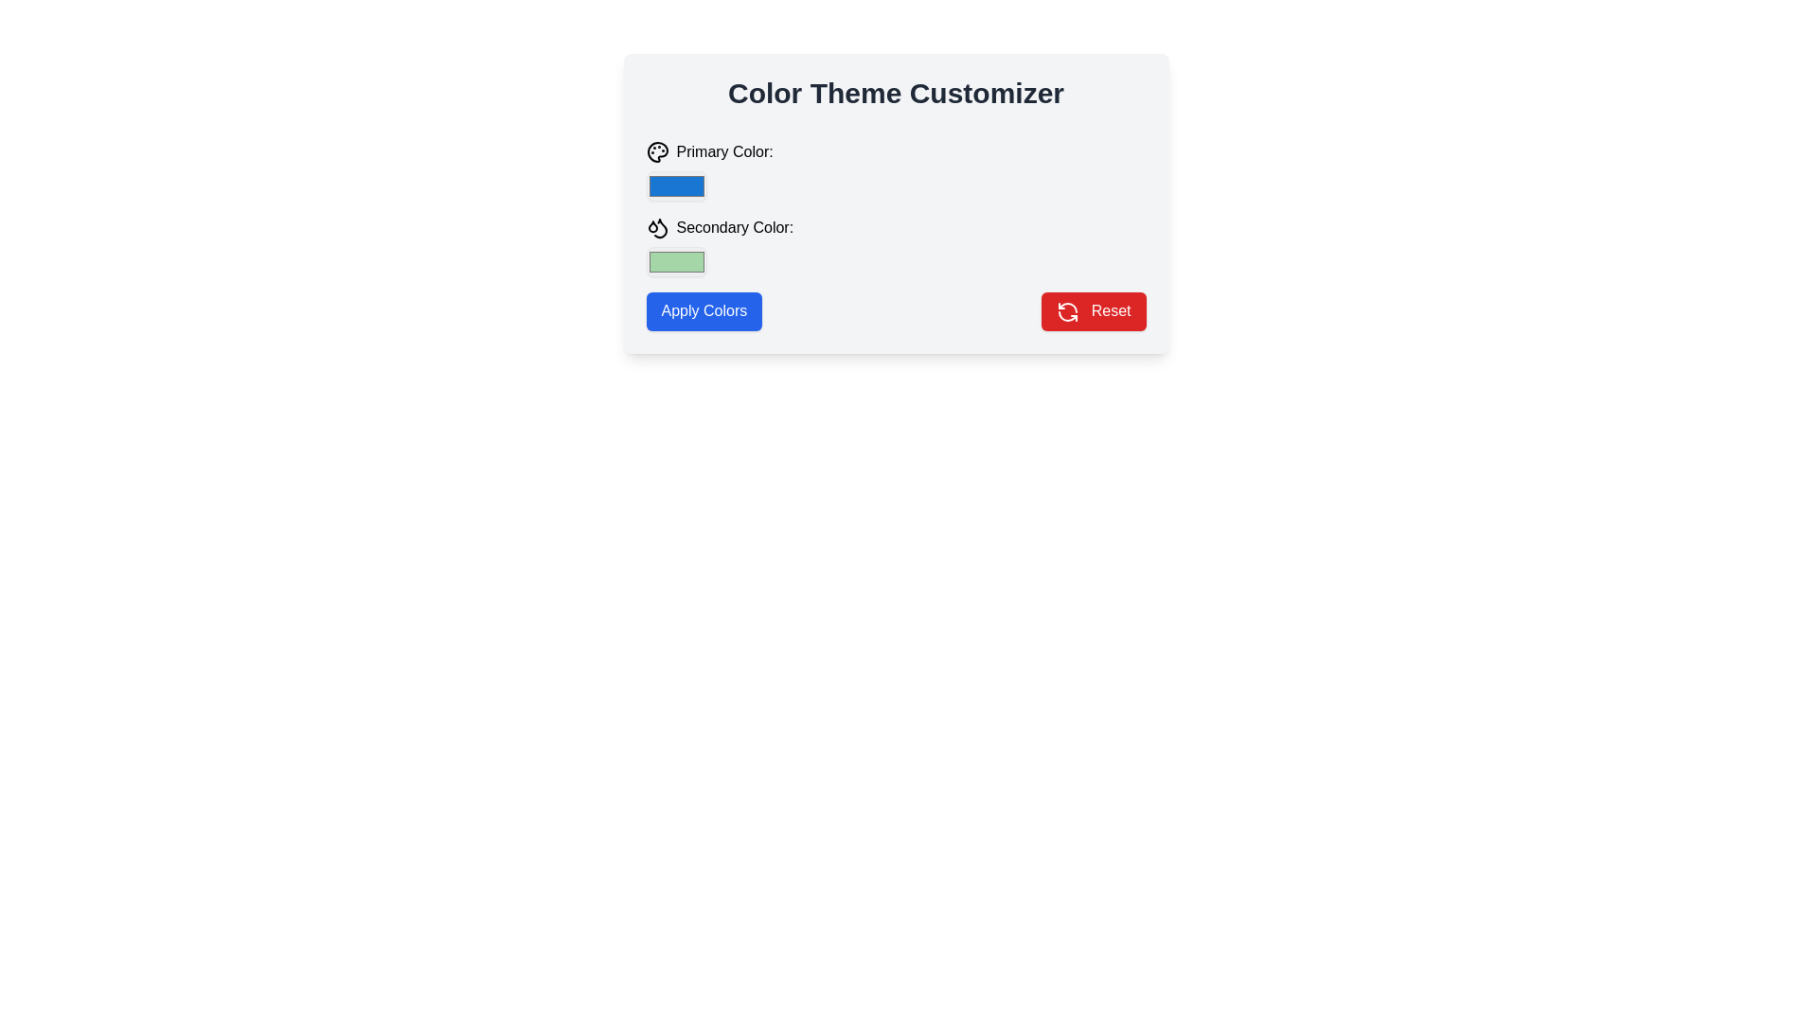 The height and width of the screenshot is (1022, 1818). What do you see at coordinates (657, 151) in the screenshot?
I see `the palette icon that represents the 'Primary Color' section, located to the far left of the label 'Primary Color:' and the blue color display box` at bounding box center [657, 151].